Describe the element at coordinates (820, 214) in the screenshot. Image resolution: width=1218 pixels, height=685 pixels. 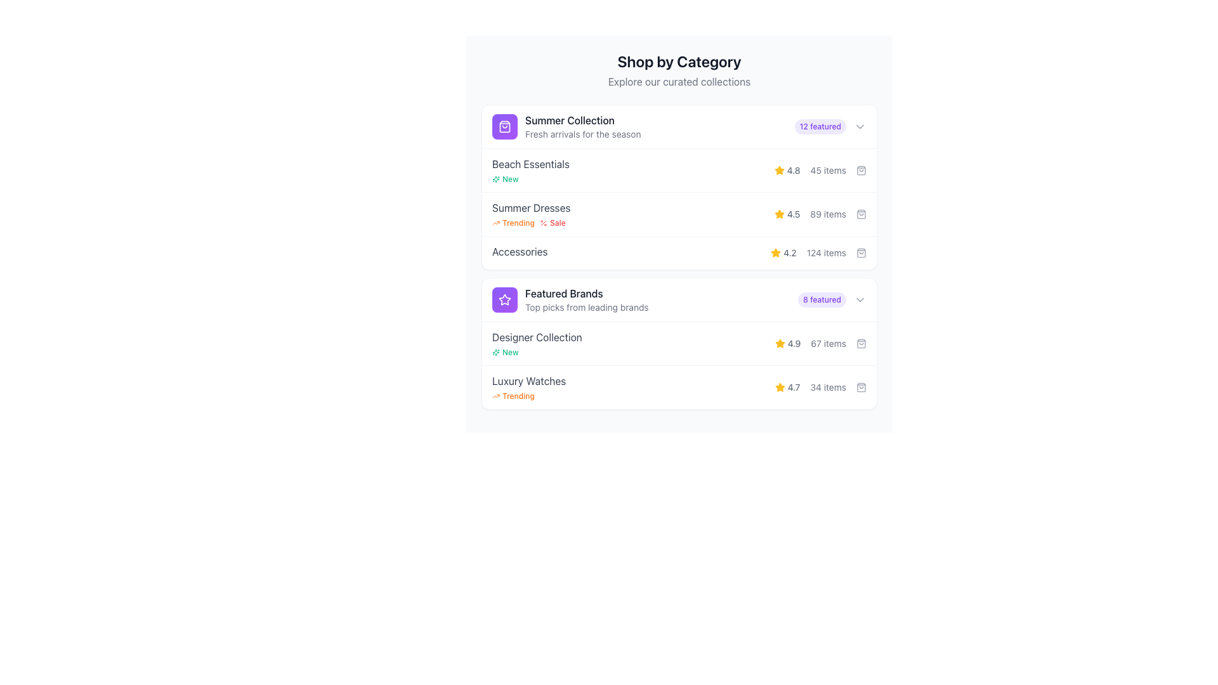
I see `the Display information row containing rating and item count for the 'Summer Dresses' category` at that location.